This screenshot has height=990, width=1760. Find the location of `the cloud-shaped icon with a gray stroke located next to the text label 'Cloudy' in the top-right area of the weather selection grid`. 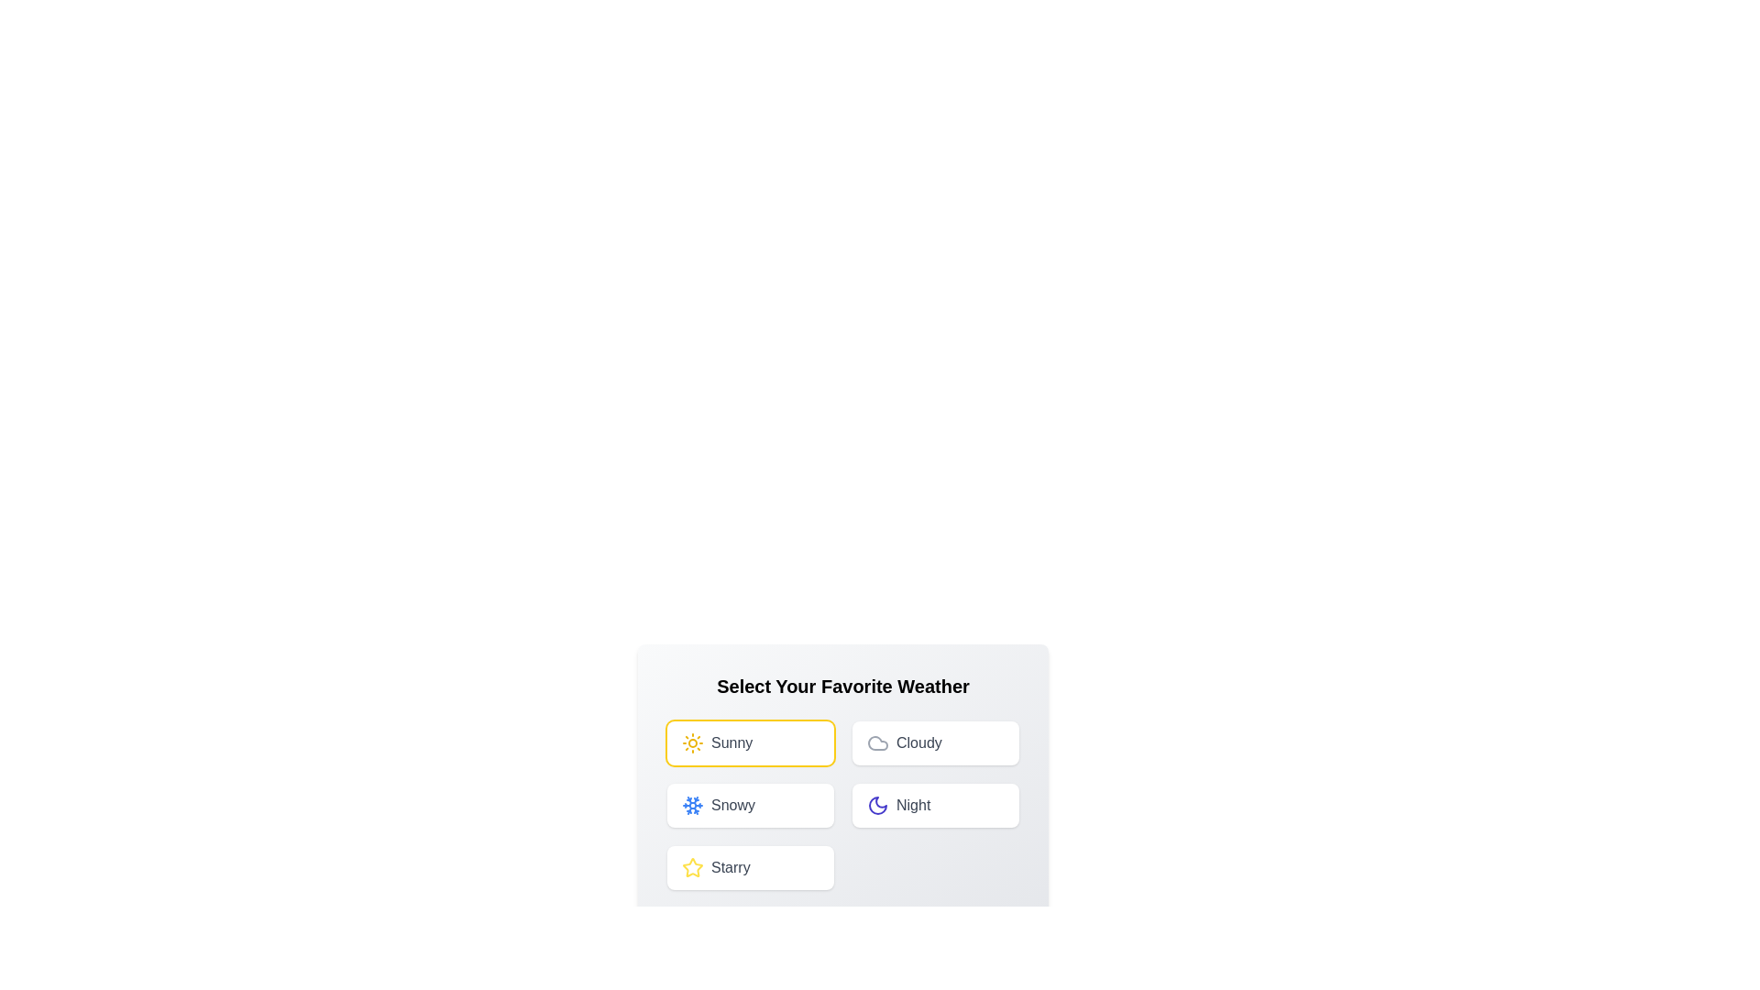

the cloud-shaped icon with a gray stroke located next to the text label 'Cloudy' in the top-right area of the weather selection grid is located at coordinates (877, 742).